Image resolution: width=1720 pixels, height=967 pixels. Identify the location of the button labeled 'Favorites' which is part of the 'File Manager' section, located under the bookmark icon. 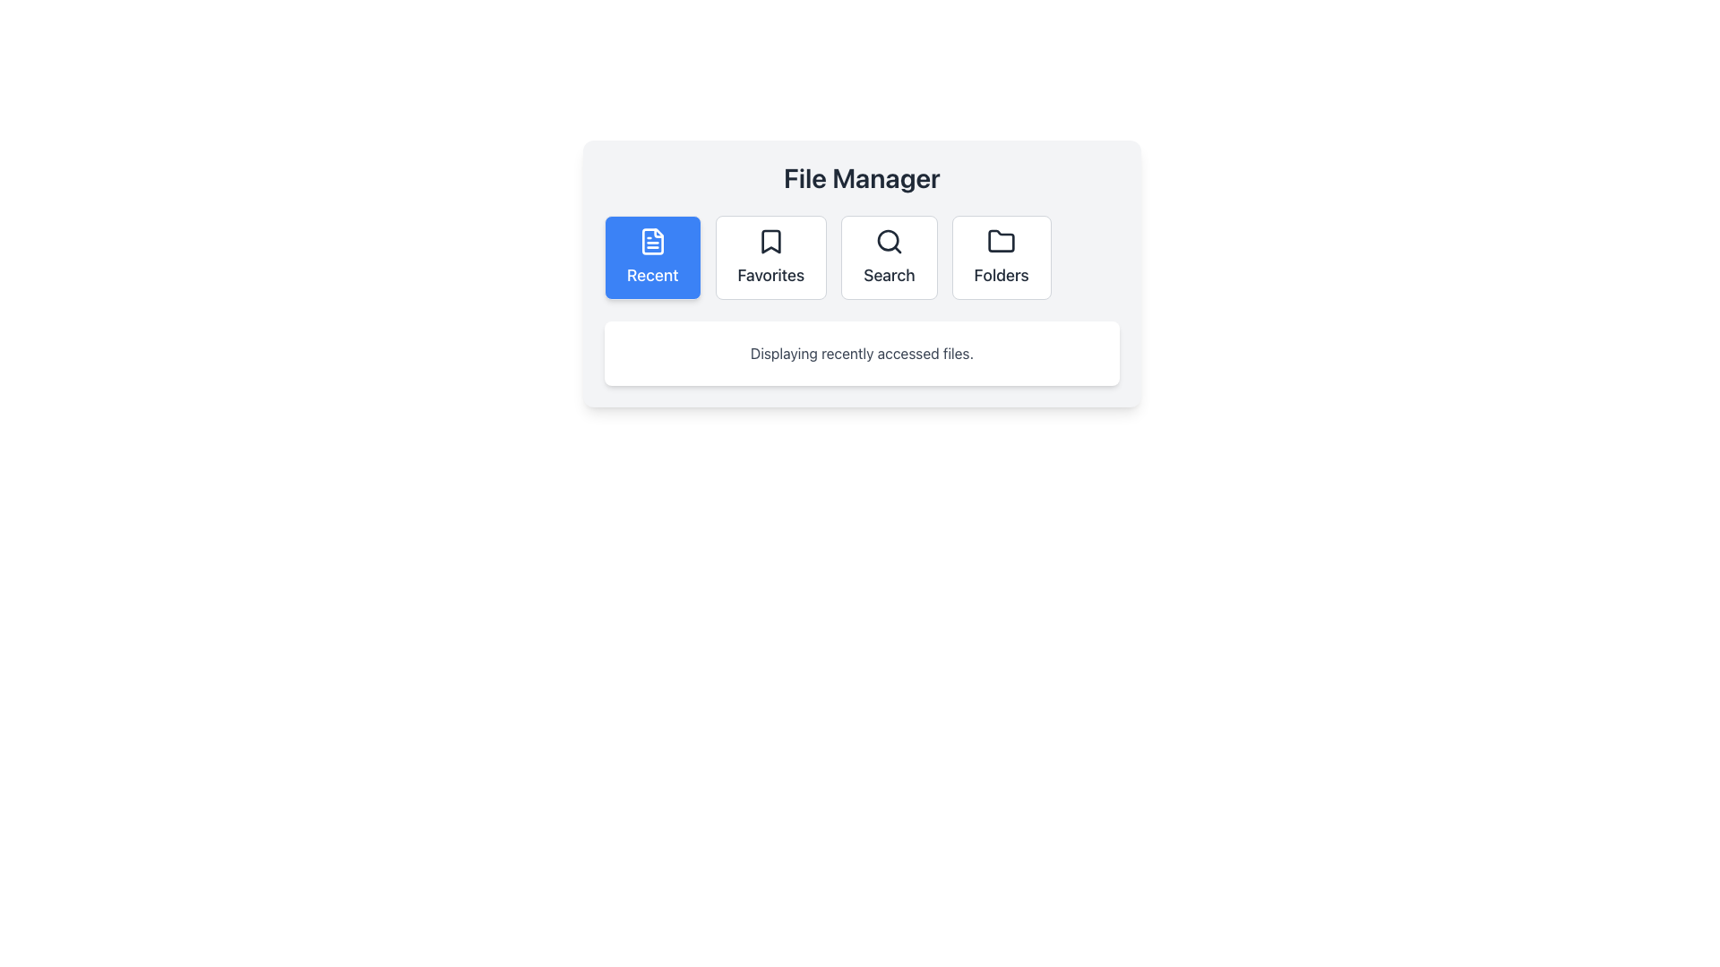
(770, 276).